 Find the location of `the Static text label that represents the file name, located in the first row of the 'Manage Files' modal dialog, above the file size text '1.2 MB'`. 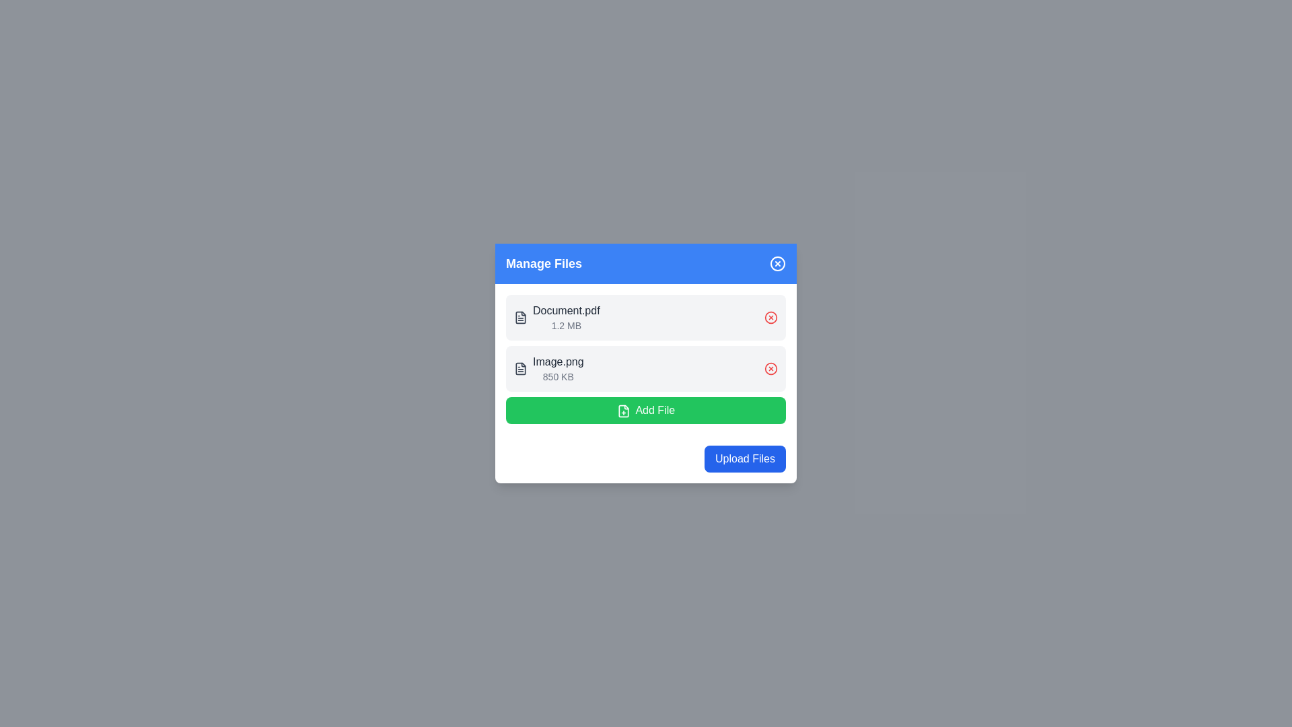

the Static text label that represents the file name, located in the first row of the 'Manage Files' modal dialog, above the file size text '1.2 MB' is located at coordinates (566, 311).